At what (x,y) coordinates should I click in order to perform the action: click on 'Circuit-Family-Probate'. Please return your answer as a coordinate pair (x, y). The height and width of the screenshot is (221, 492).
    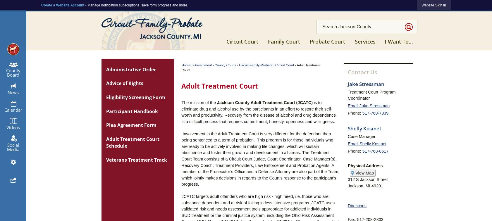
    Looking at the image, I should click on (255, 65).